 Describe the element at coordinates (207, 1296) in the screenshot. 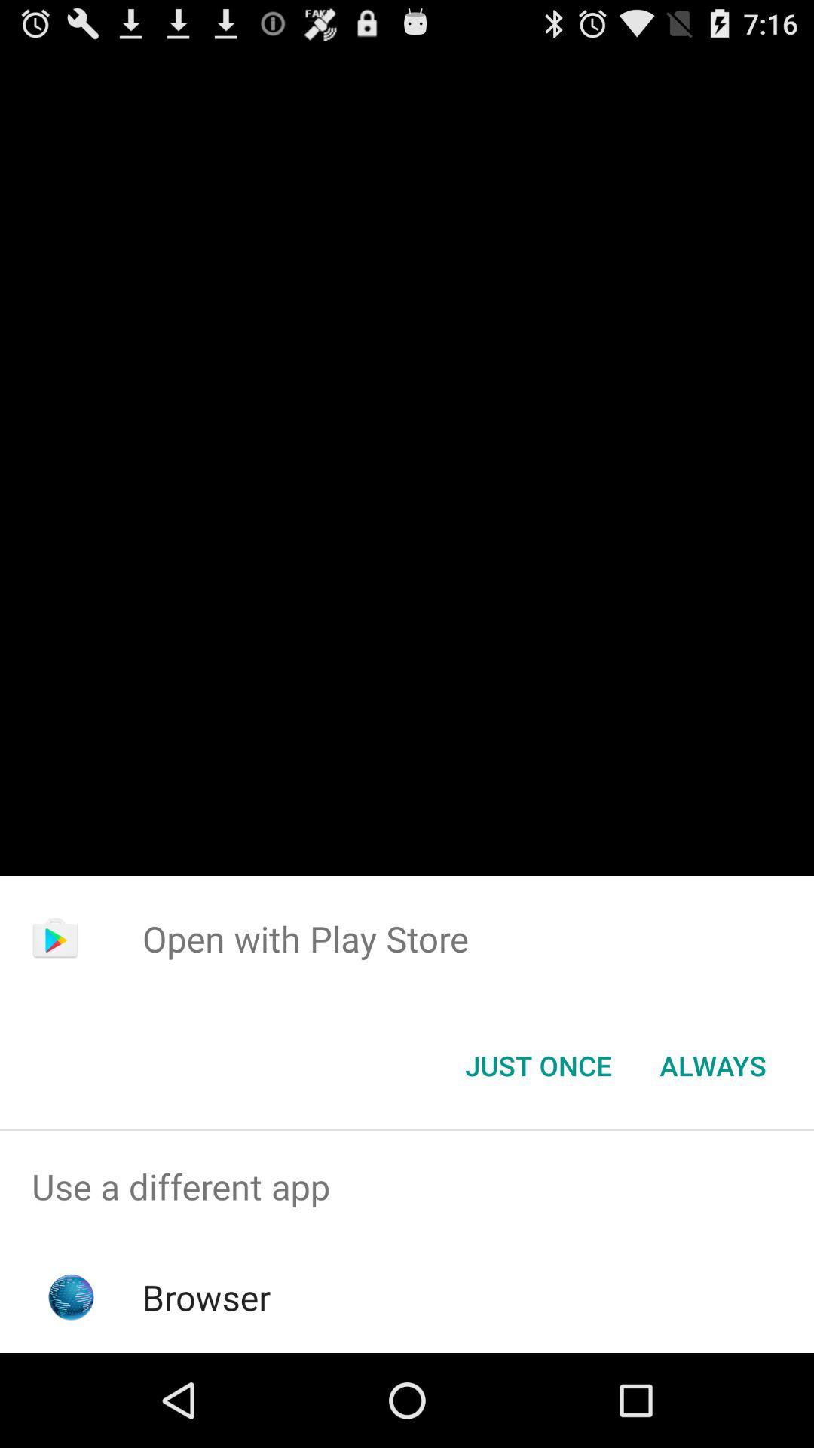

I see `app below use a different` at that location.